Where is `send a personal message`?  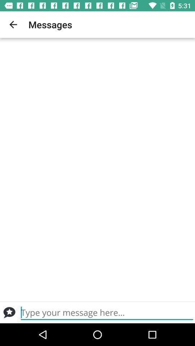 send a personal message is located at coordinates (107, 312).